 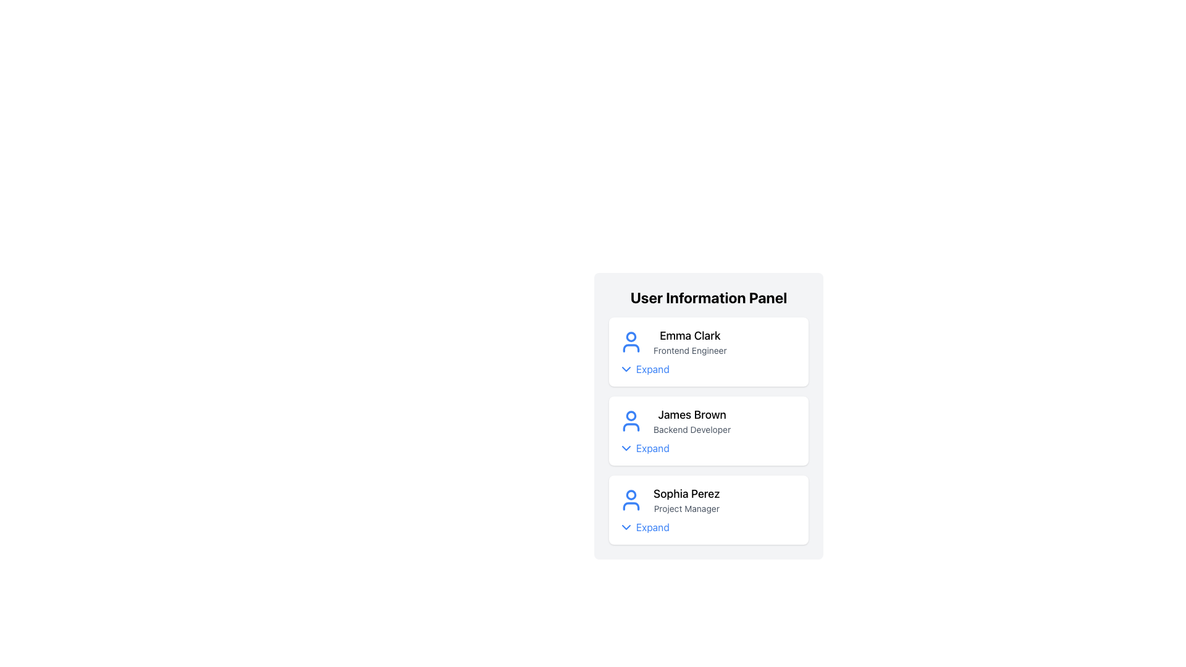 What do you see at coordinates (689, 335) in the screenshot?
I see `the static text label displaying the name 'Emma Clark' in the User Information Panel, which is prominently positioned at the top of the information card` at bounding box center [689, 335].